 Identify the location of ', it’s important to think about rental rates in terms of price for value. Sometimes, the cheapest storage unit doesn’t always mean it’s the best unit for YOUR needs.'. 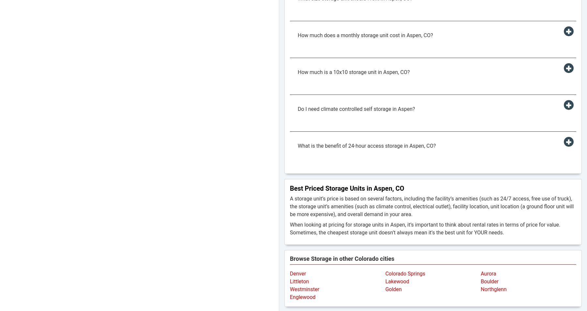
(290, 228).